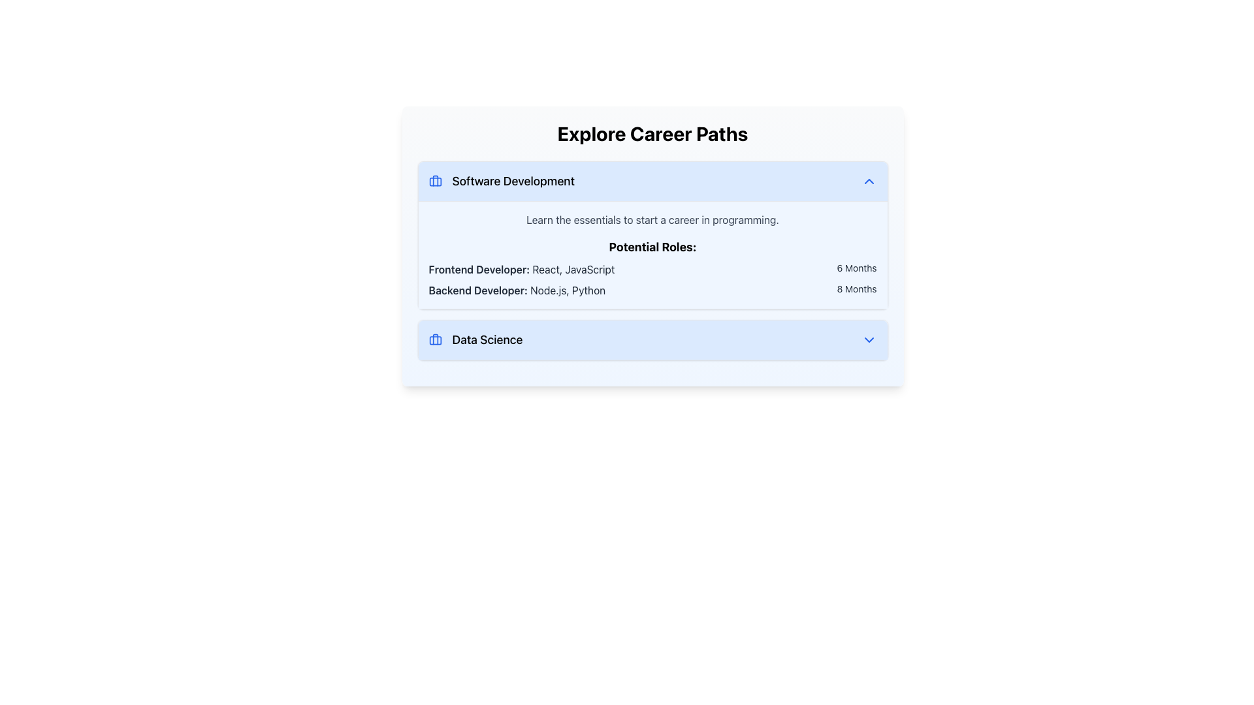 The width and height of the screenshot is (1254, 705). I want to click on the text label that indicates the duration associated with the 'Frontend Developer' role, located at the rightmost part of the layout adjacent to 'Frontend Developer: React, JavaScript', so click(856, 268).